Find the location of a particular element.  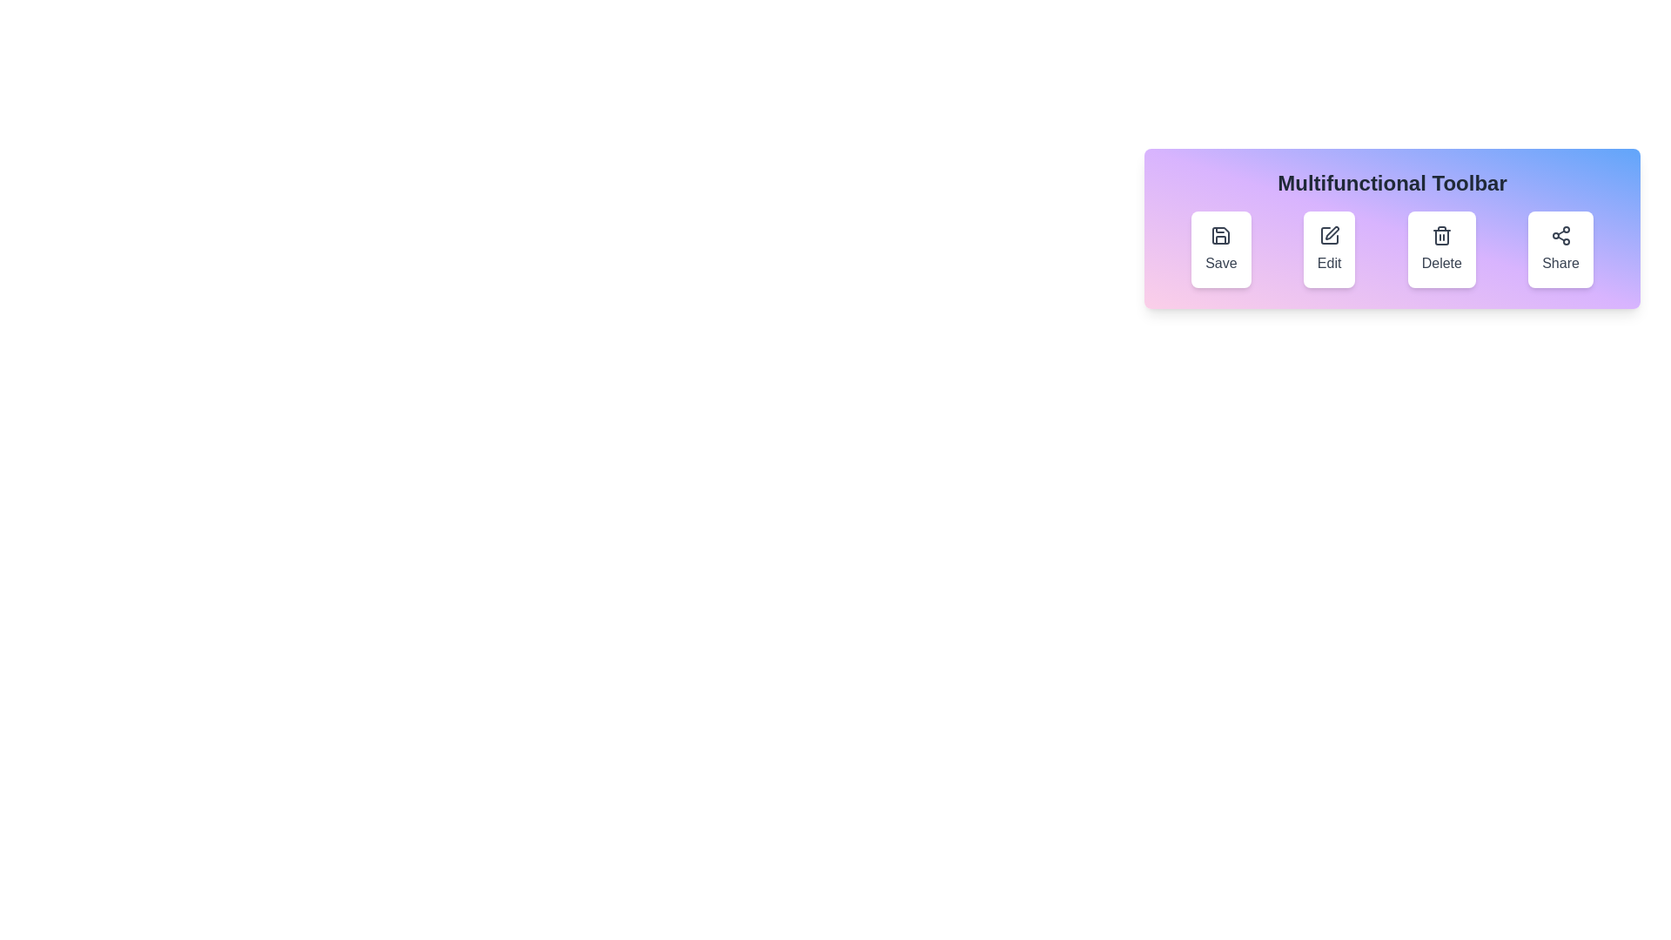

the Save icon, which is a floppy disk styled icon located within the first button on the toolbar is located at coordinates (1220, 235).